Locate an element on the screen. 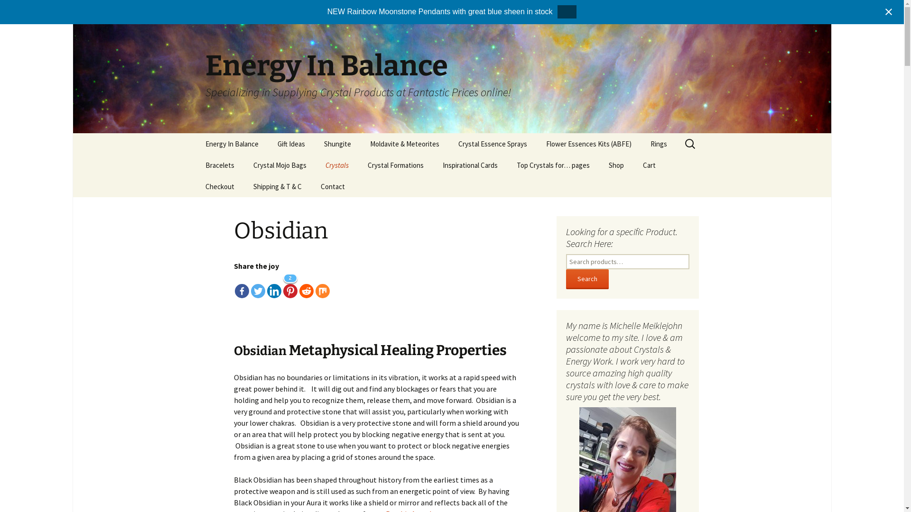  'Crystal Mojo Bags' is located at coordinates (243, 165).